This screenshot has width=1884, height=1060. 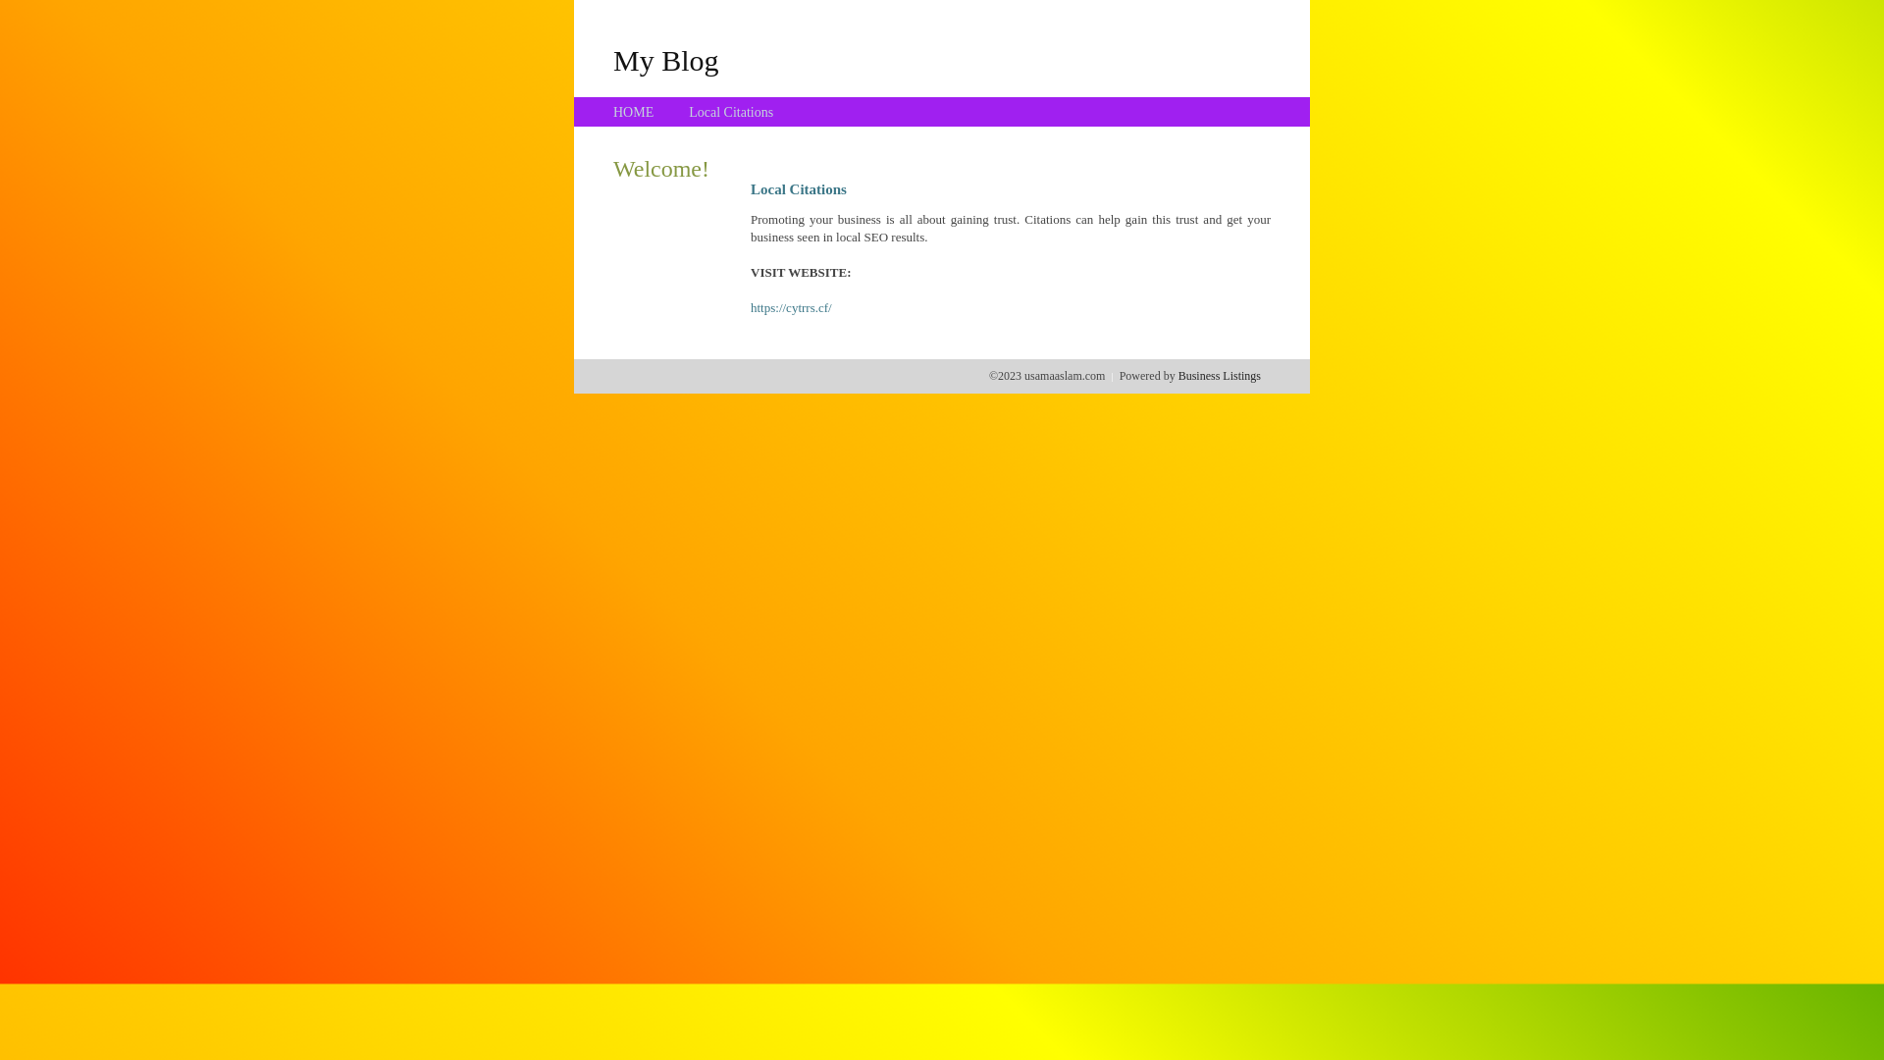 I want to click on 'https://cytrrs.cf/', so click(x=791, y=307).